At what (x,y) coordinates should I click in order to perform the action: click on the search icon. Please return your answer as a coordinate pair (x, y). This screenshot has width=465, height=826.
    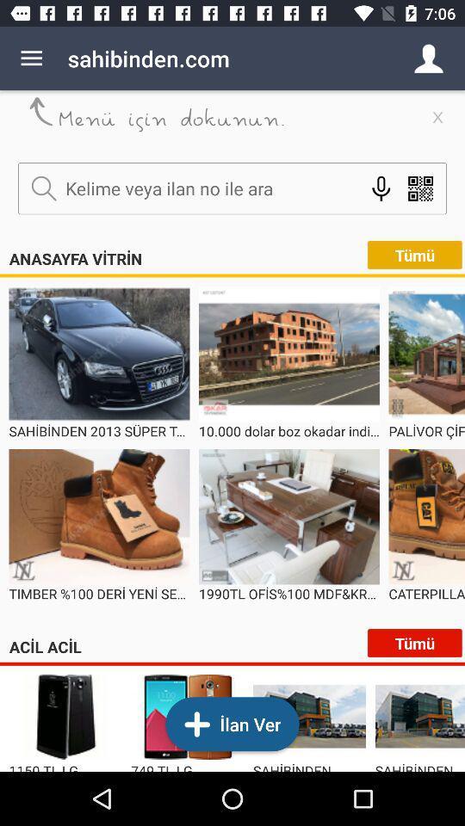
    Looking at the image, I should click on (44, 188).